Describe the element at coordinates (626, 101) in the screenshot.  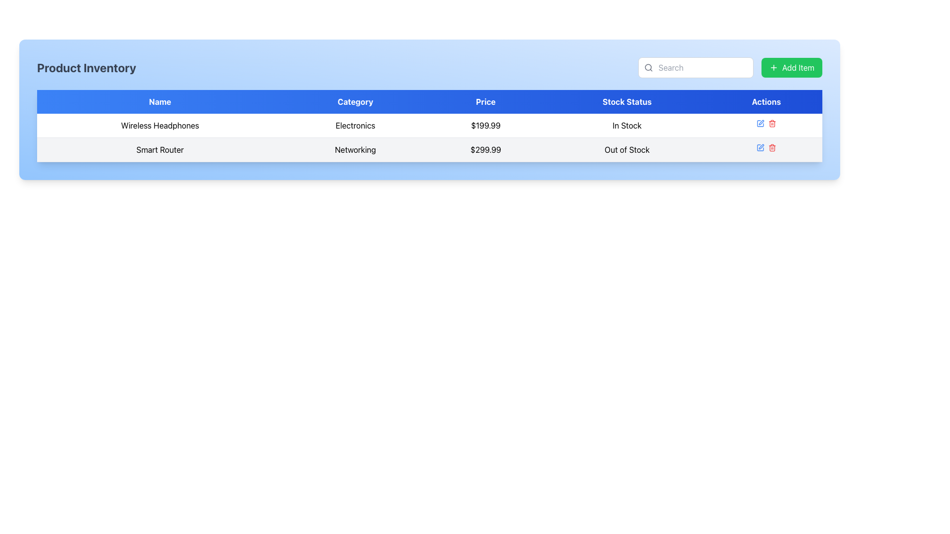
I see `the 'Stock Status' header label in the table, which is the fourth header following 'Price' and preceding 'Actions'` at that location.